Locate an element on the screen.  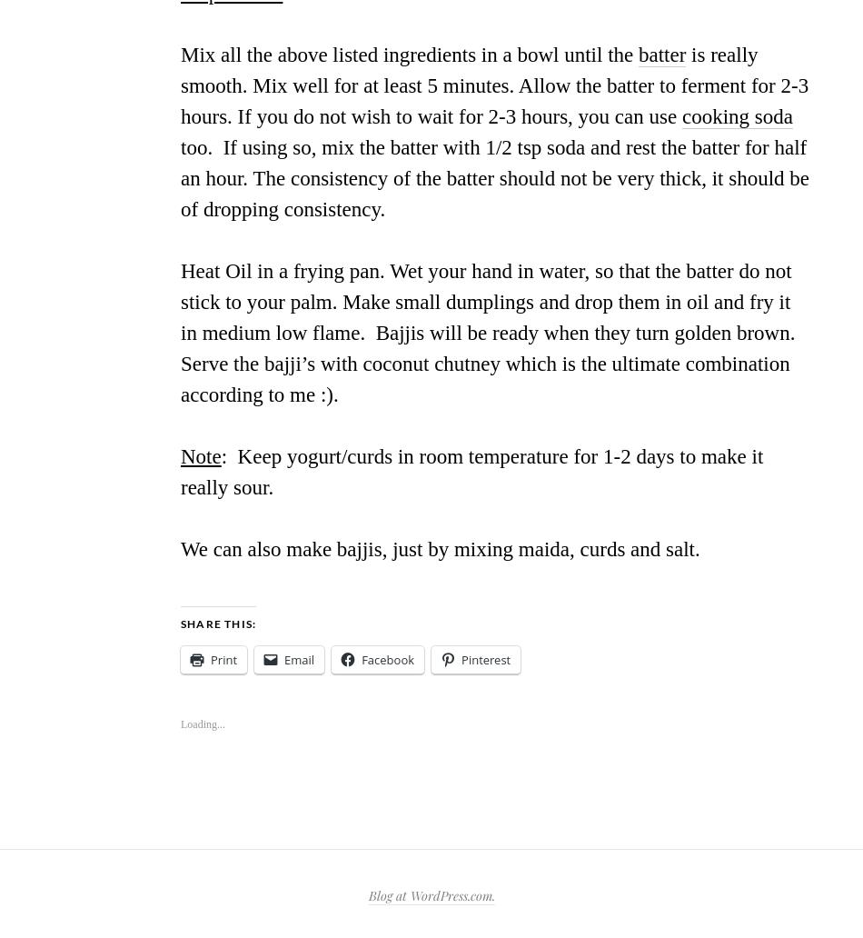
'is really smooth. Mix well for at least 5 minutes. Allow the batter to ferment for 2-3 hours. If you do not wish to wait for 2-3 hours, you can use' is located at coordinates (181, 85).